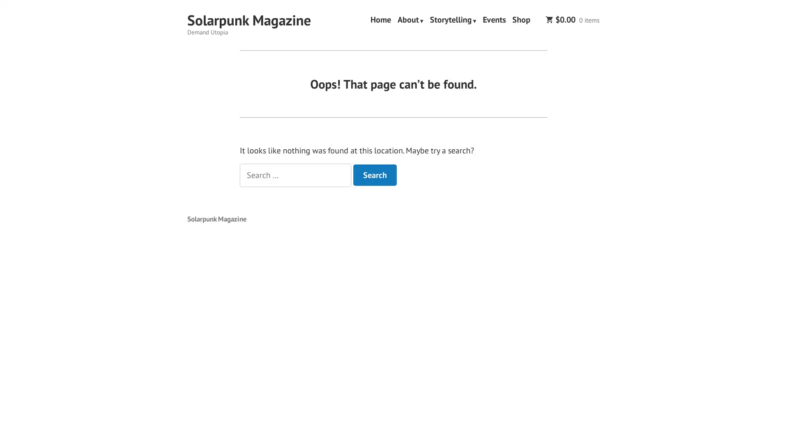 Image resolution: width=787 pixels, height=443 pixels. Describe the element at coordinates (375, 175) in the screenshot. I see `Search` at that location.